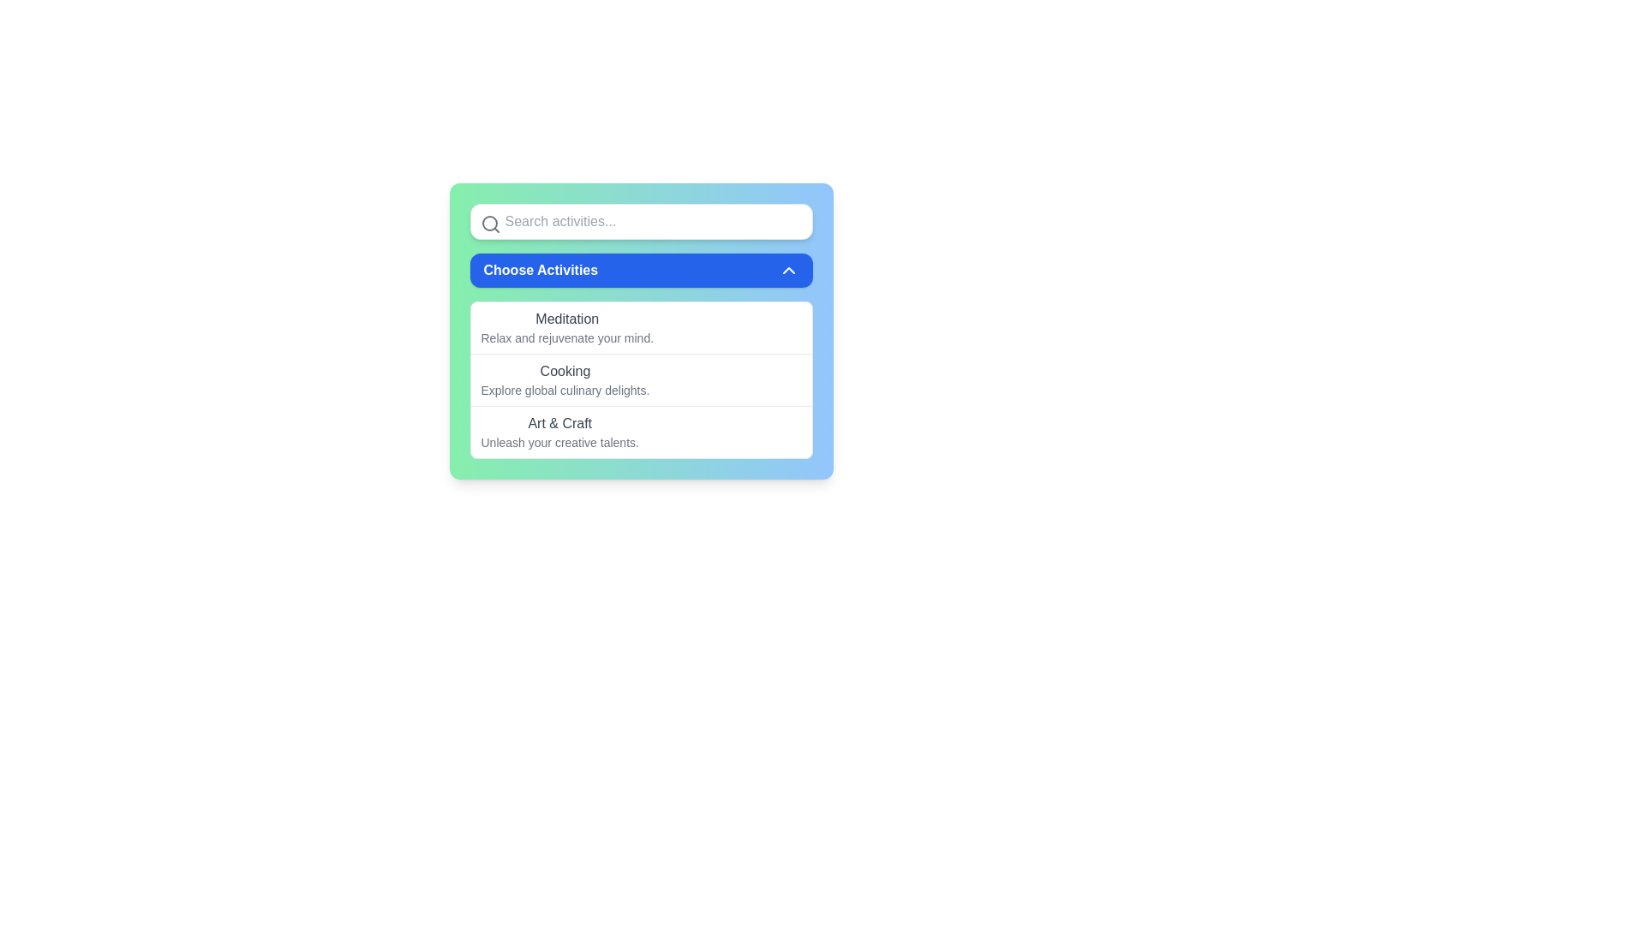 This screenshot has height=925, width=1645. I want to click on SVG circle element that represents the inner part of the search icon located in the top-left corner of the search input field for accessibility, so click(488, 223).